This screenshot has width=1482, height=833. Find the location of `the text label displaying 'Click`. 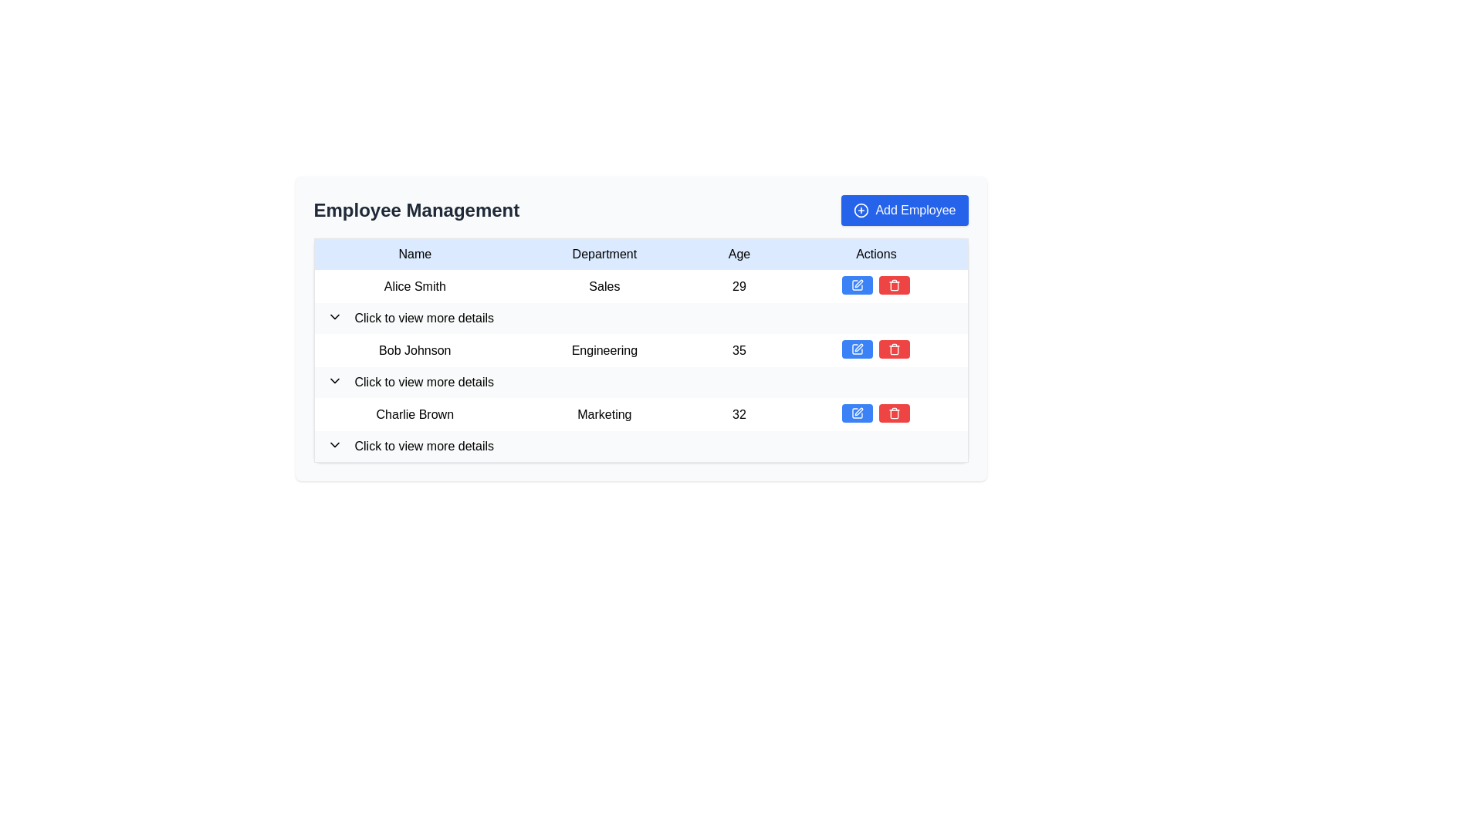

the text label displaying 'Click is located at coordinates (424, 382).